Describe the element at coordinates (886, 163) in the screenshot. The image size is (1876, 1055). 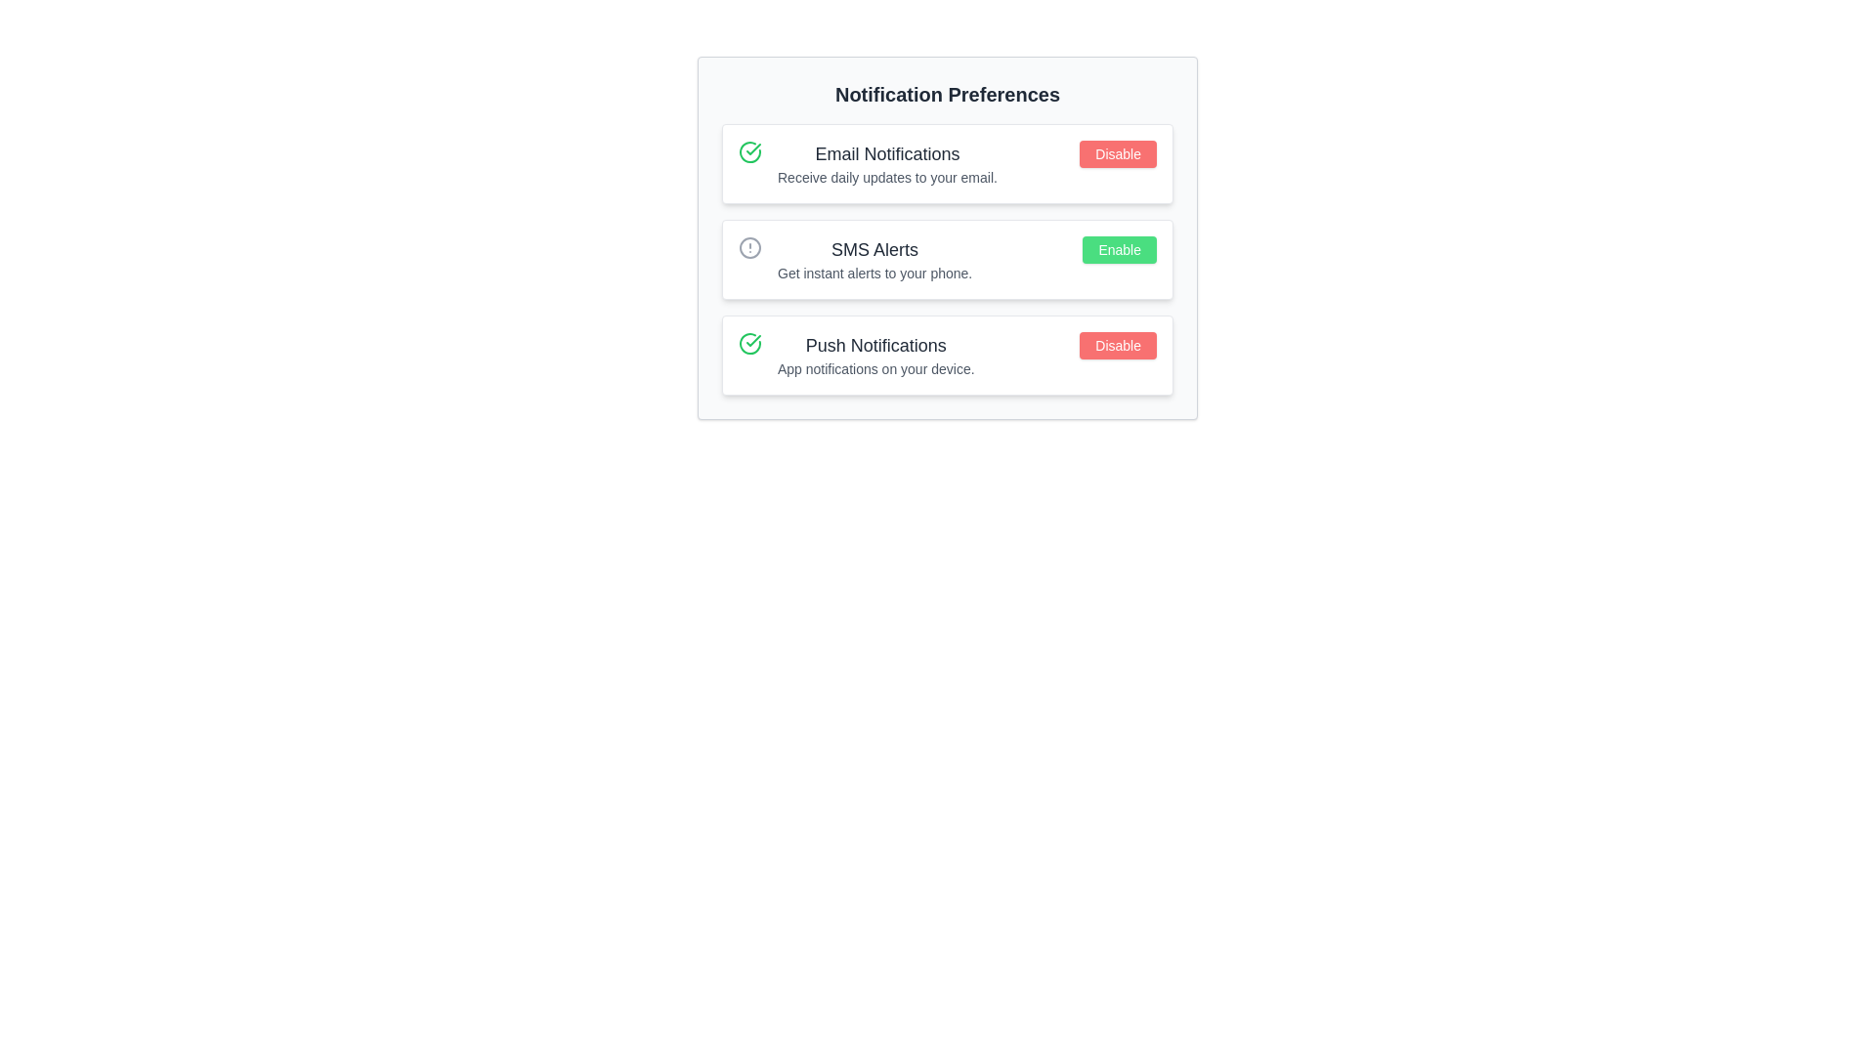
I see `text block titled 'Email Notifications' which contains the subtitle 'Receive daily updates to your email.'` at that location.